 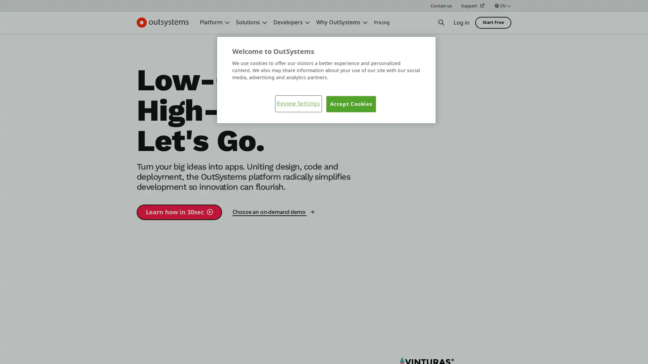 What do you see at coordinates (251, 22) in the screenshot?
I see `Solutions` at bounding box center [251, 22].